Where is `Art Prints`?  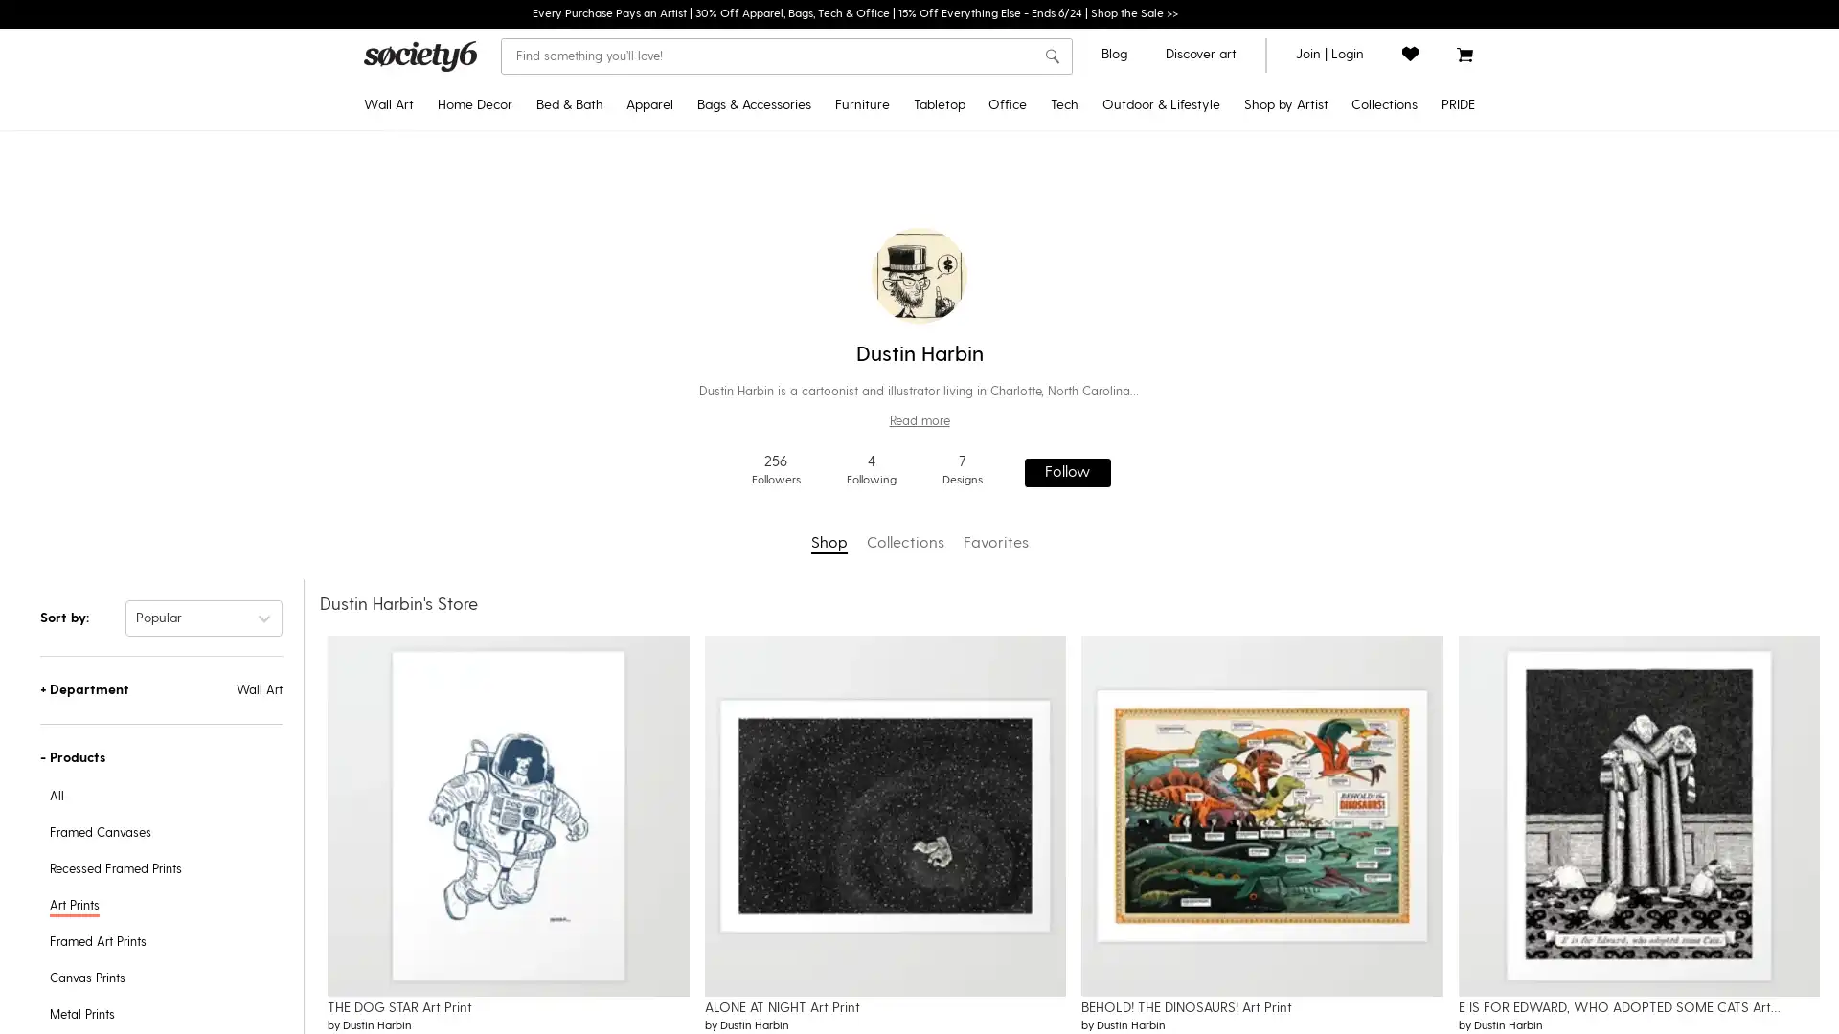
Art Prints is located at coordinates (450, 153).